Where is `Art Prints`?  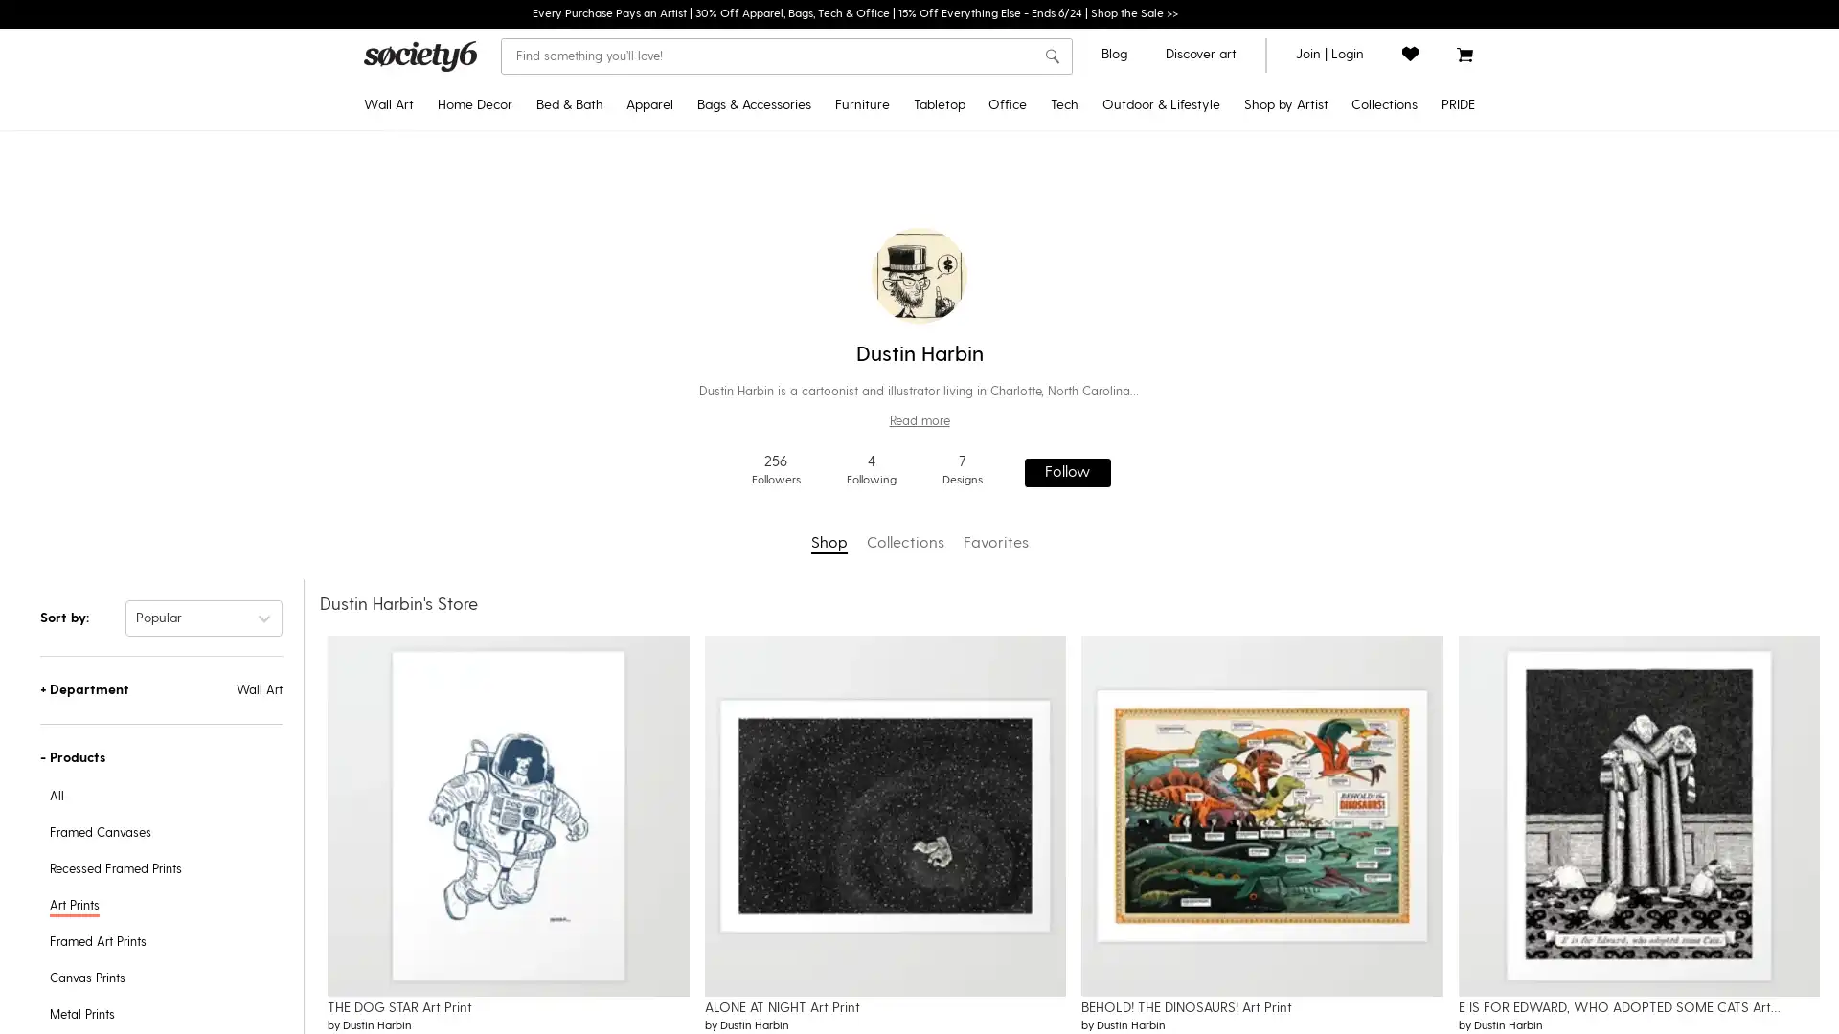
Art Prints is located at coordinates (450, 153).